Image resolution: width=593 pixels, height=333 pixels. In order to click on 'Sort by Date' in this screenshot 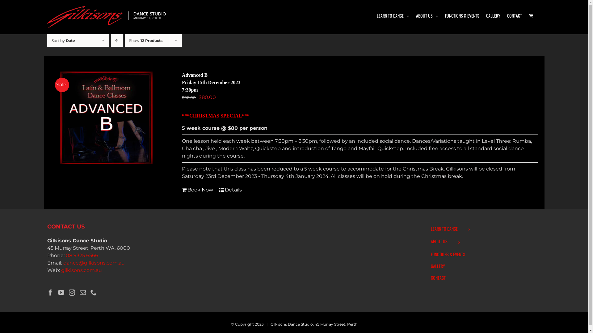, I will do `click(63, 40)`.